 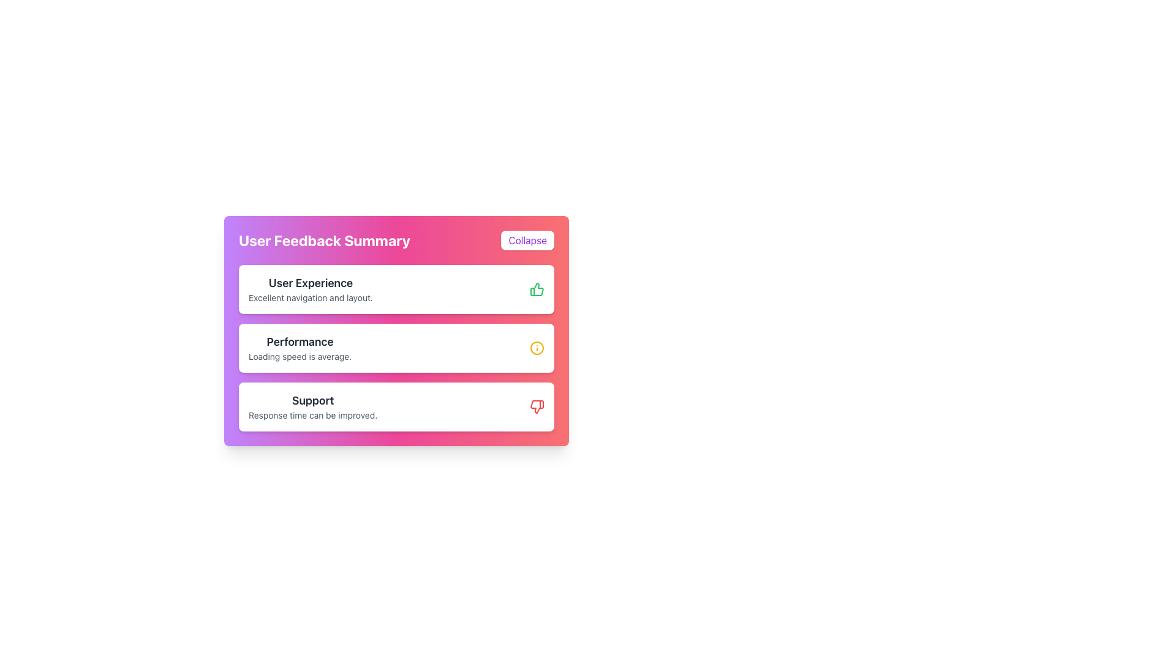 What do you see at coordinates (311, 297) in the screenshot?
I see `the light gray Text Label located directly beneath the 'User Experience' heading in the 'User Feedback Summary' panel` at bounding box center [311, 297].